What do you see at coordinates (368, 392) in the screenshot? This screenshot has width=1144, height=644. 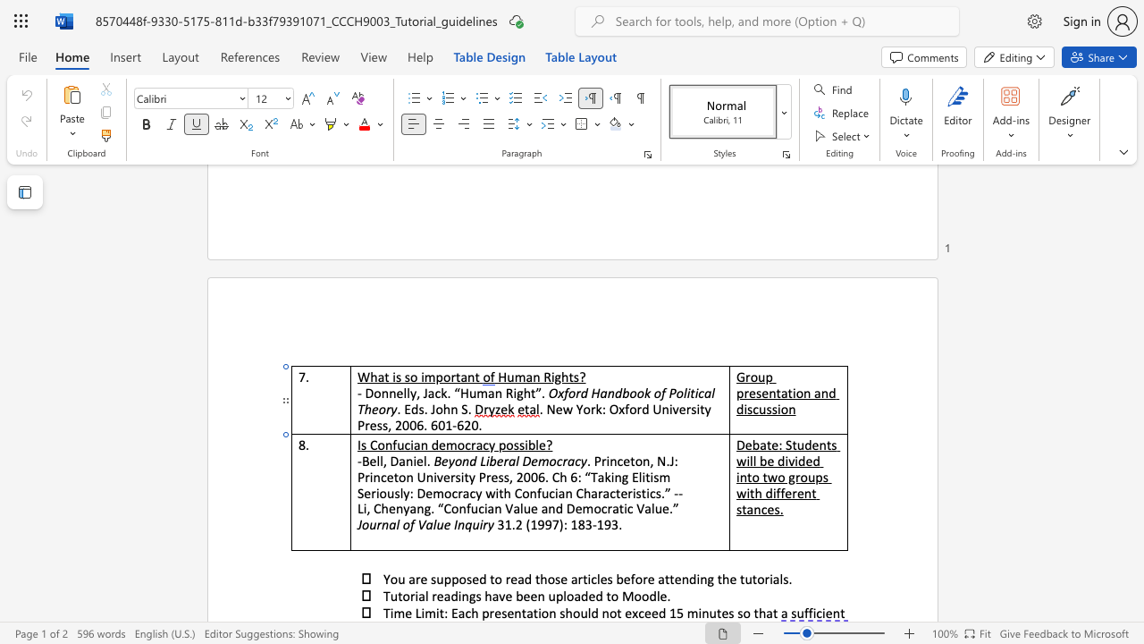 I see `the 1th character "D" in the text` at bounding box center [368, 392].